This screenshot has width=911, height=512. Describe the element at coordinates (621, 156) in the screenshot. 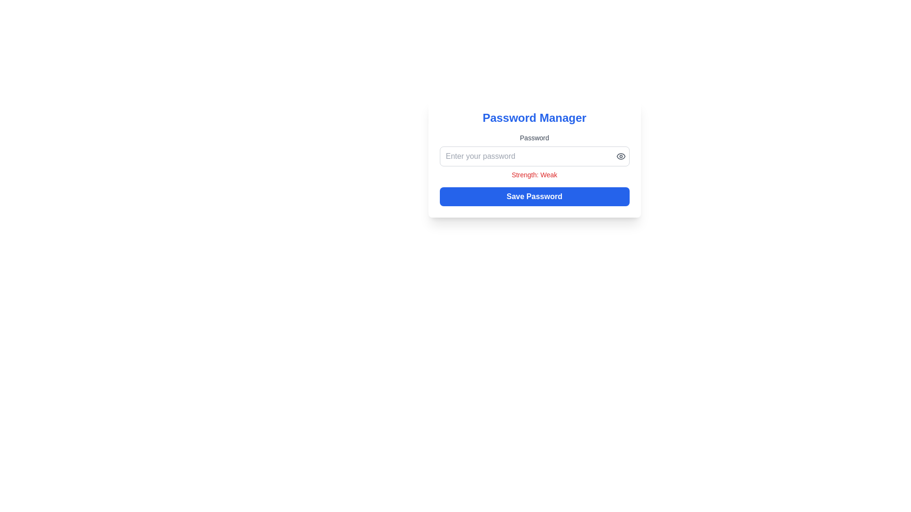

I see `the button located at the far-right end of the password input field` at that location.